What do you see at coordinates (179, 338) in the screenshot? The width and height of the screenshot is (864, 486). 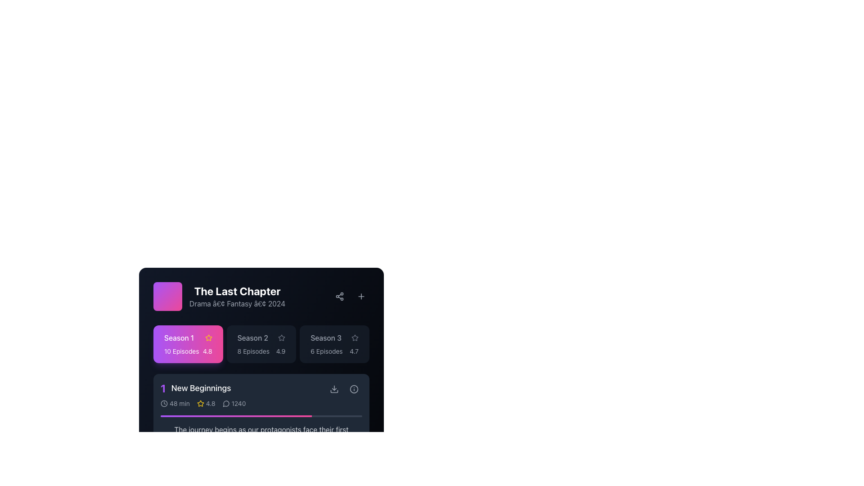 I see `the bold text label displaying 'Season 1' that is prominently located within a pink background with rounded corners` at bounding box center [179, 338].